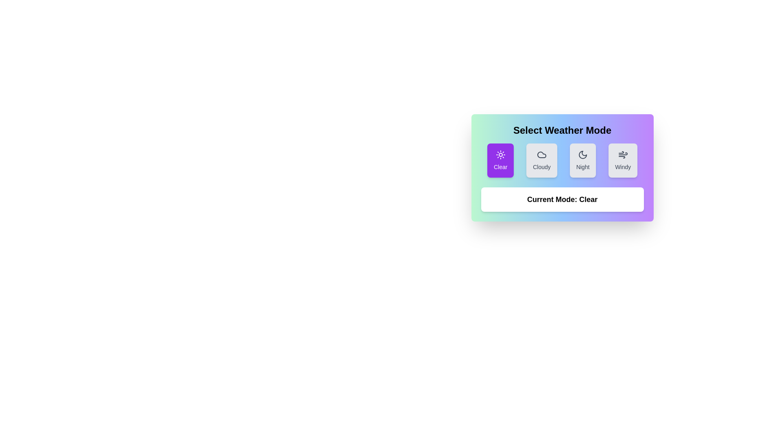 The height and width of the screenshot is (439, 781). What do you see at coordinates (500, 167) in the screenshot?
I see `the 'Clear' text label button, which indicates the 'Clear' weather mode option, to trigger its hover effects` at bounding box center [500, 167].